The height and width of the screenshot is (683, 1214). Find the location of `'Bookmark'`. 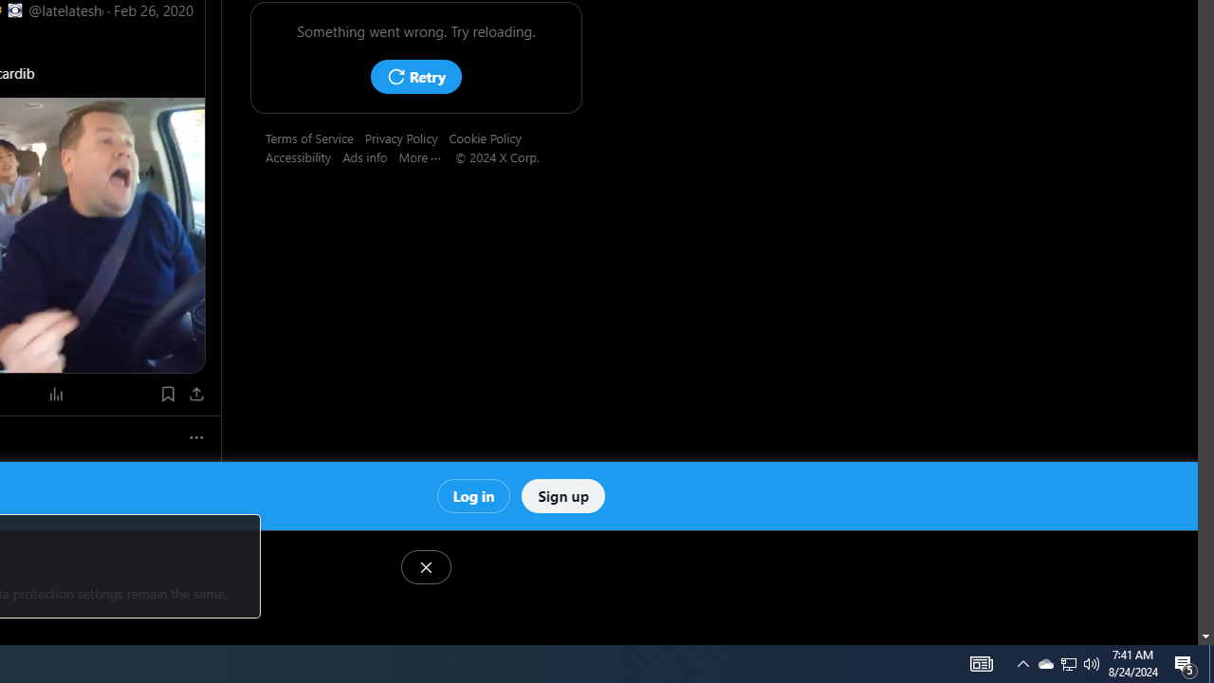

'Bookmark' is located at coordinates (167, 393).